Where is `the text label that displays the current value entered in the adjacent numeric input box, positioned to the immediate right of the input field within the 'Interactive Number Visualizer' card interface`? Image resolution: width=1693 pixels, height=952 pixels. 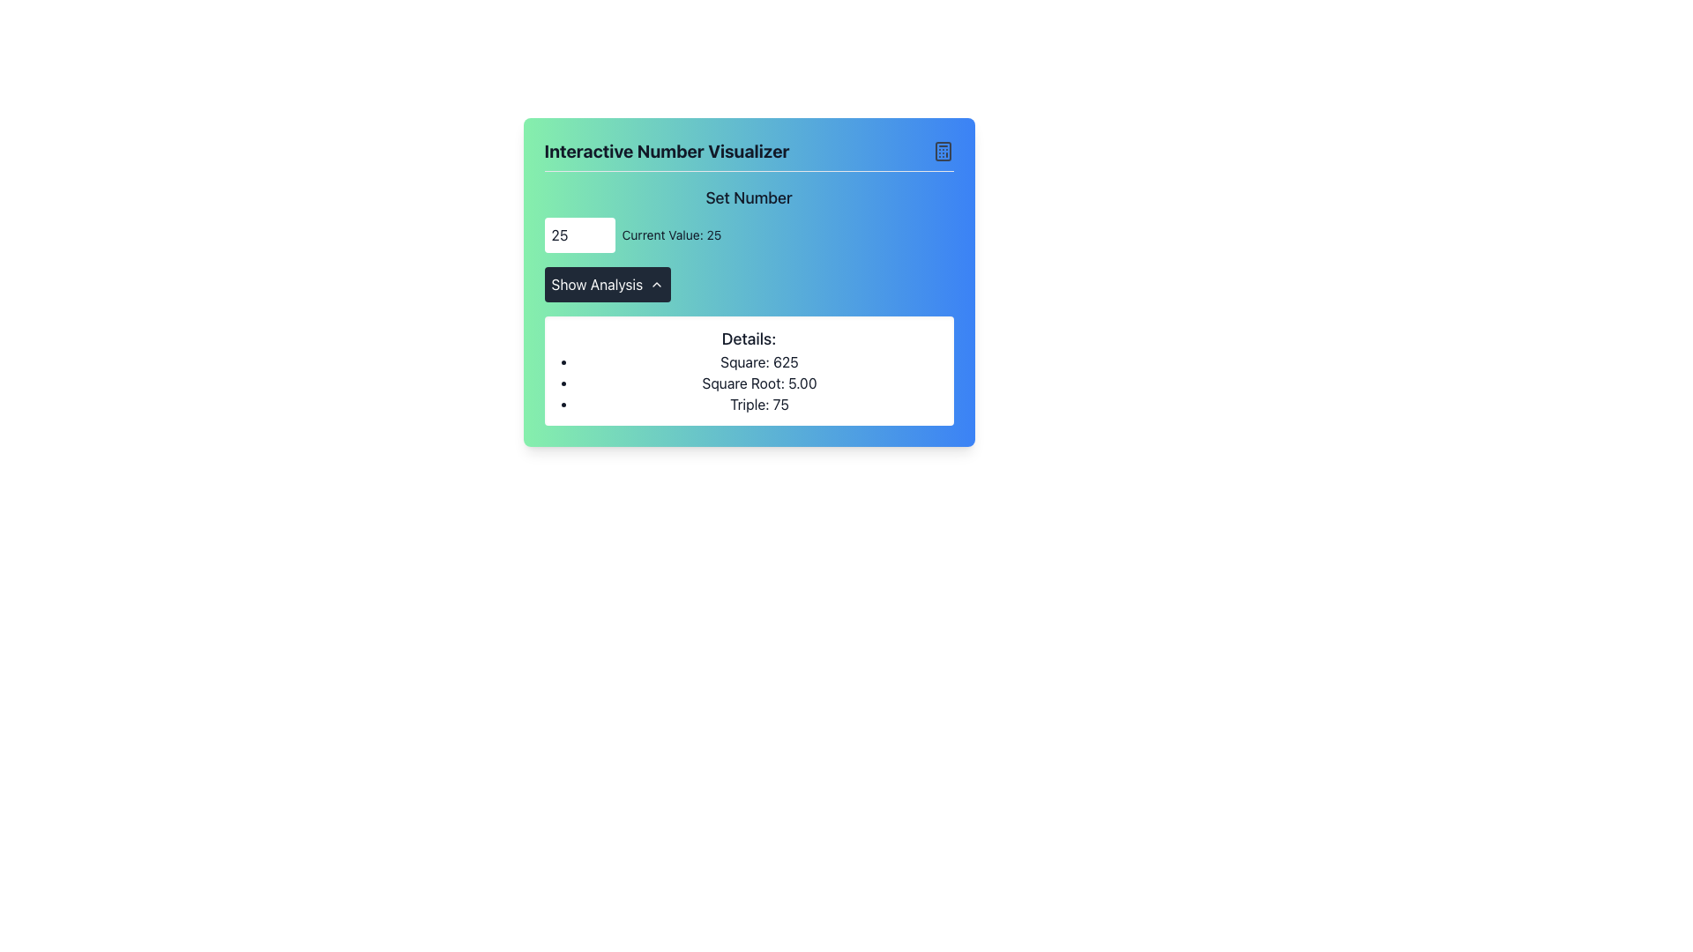
the text label that displays the current value entered in the adjacent numeric input box, positioned to the immediate right of the input field within the 'Interactive Number Visualizer' card interface is located at coordinates (670, 234).